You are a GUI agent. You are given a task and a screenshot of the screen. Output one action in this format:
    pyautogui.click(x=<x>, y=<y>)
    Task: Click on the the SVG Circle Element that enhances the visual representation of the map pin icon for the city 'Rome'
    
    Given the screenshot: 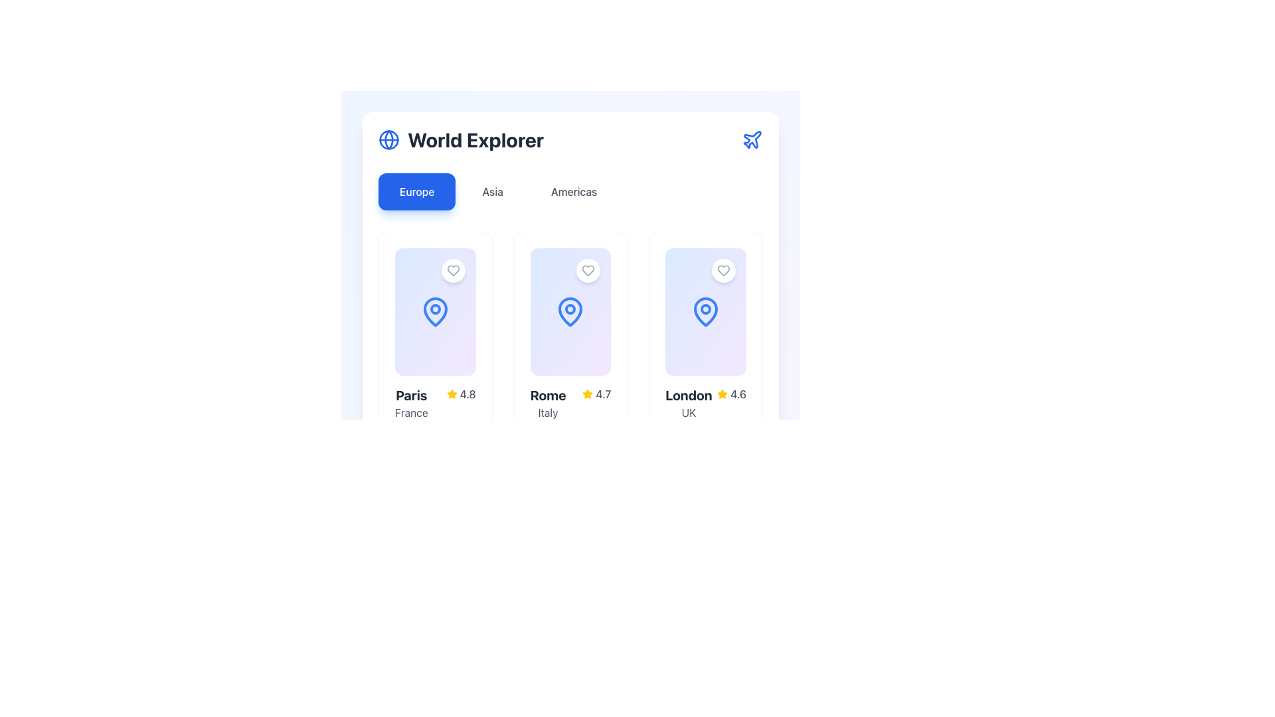 What is the action you would take?
    pyautogui.click(x=570, y=309)
    